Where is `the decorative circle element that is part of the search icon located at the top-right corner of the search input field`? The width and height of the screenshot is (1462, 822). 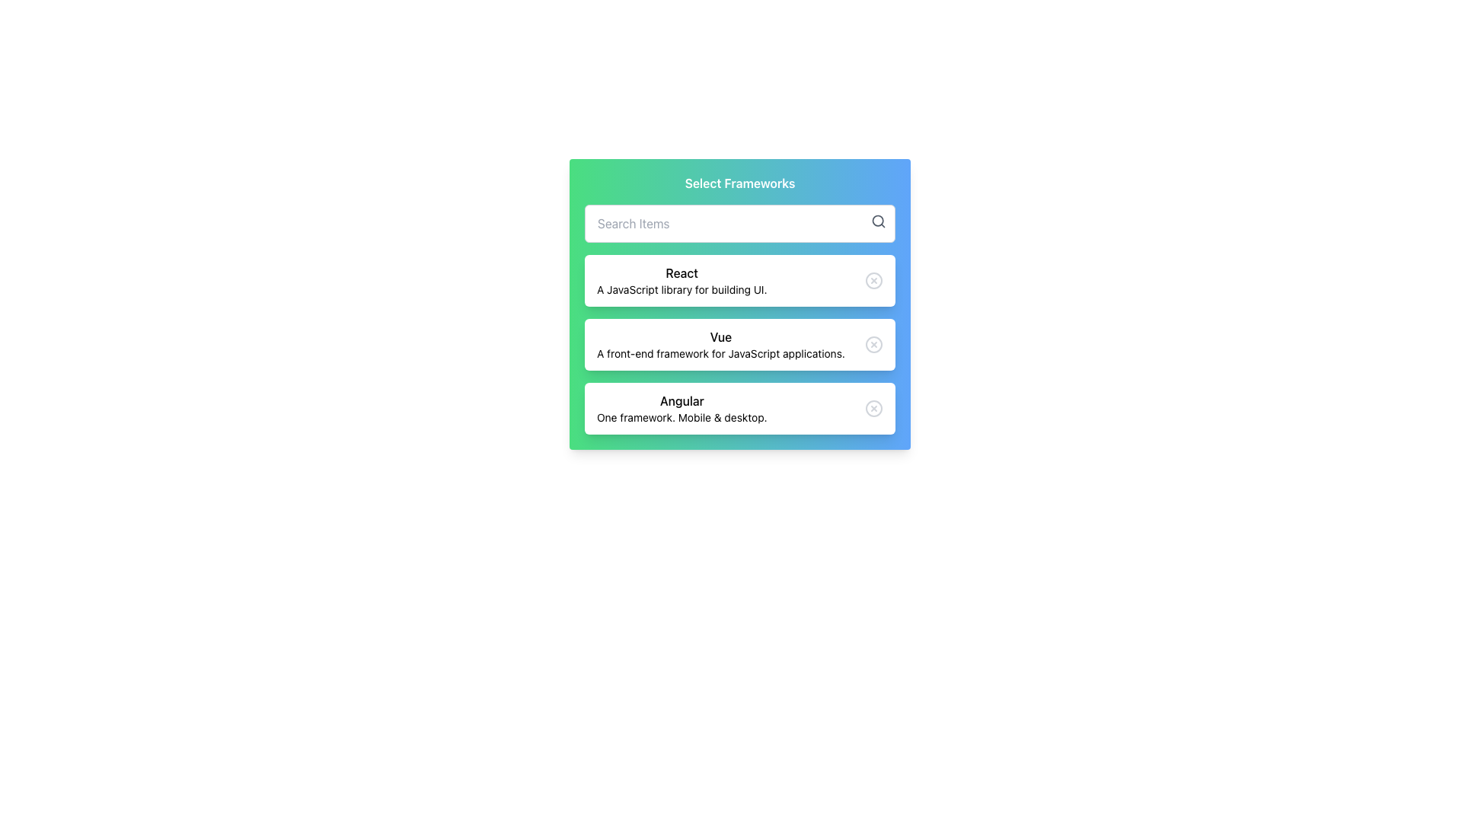 the decorative circle element that is part of the search icon located at the top-right corner of the search input field is located at coordinates (878, 221).